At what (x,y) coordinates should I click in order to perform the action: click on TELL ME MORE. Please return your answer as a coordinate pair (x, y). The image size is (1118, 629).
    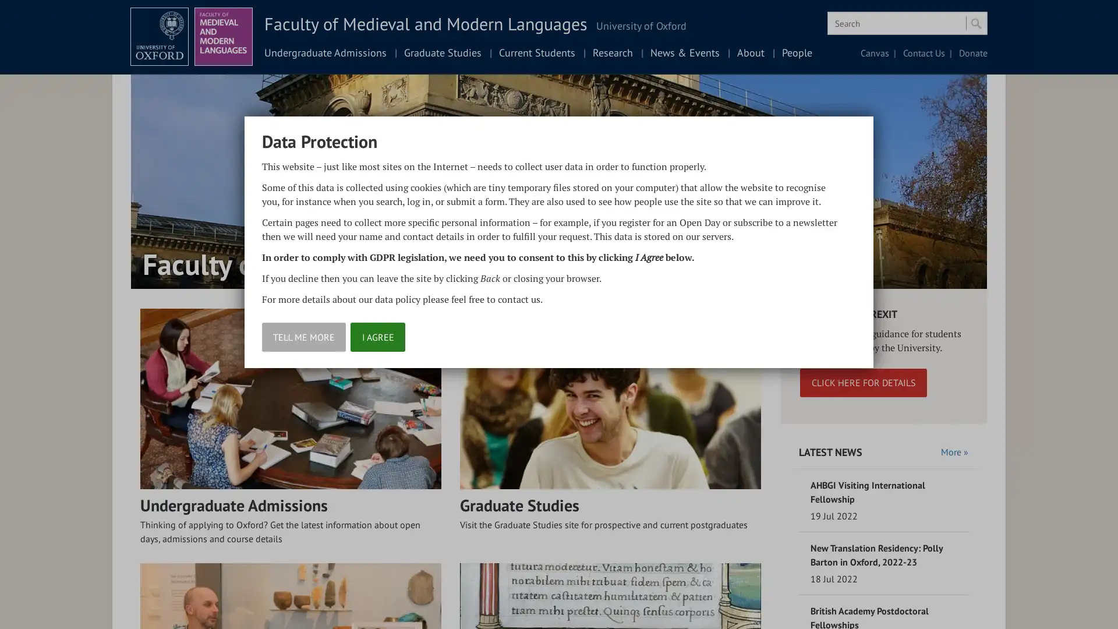
    Looking at the image, I should click on (304, 337).